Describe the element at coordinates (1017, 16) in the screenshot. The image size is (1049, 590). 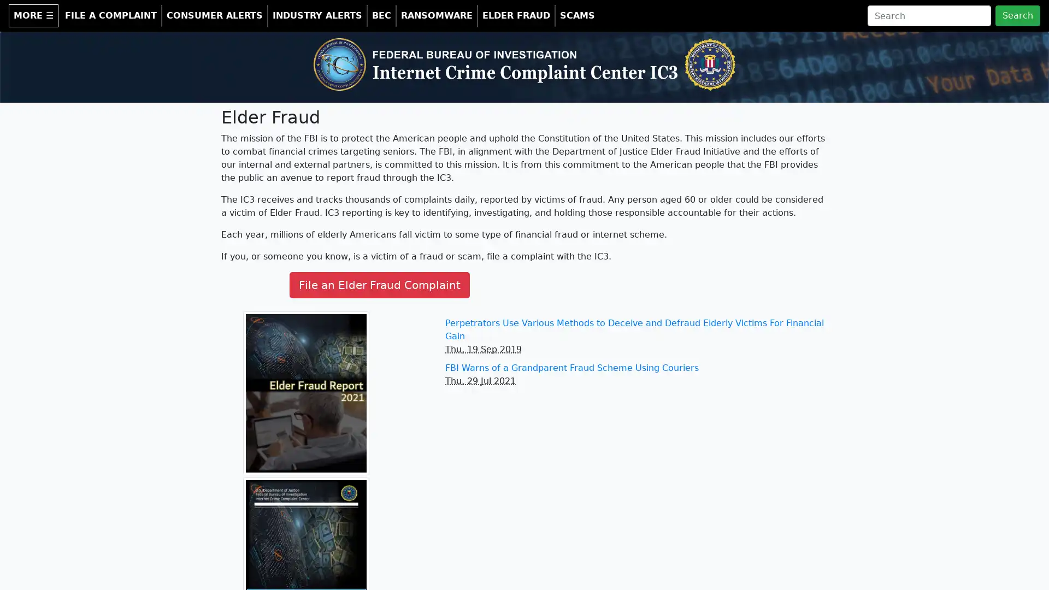
I see `Search` at that location.